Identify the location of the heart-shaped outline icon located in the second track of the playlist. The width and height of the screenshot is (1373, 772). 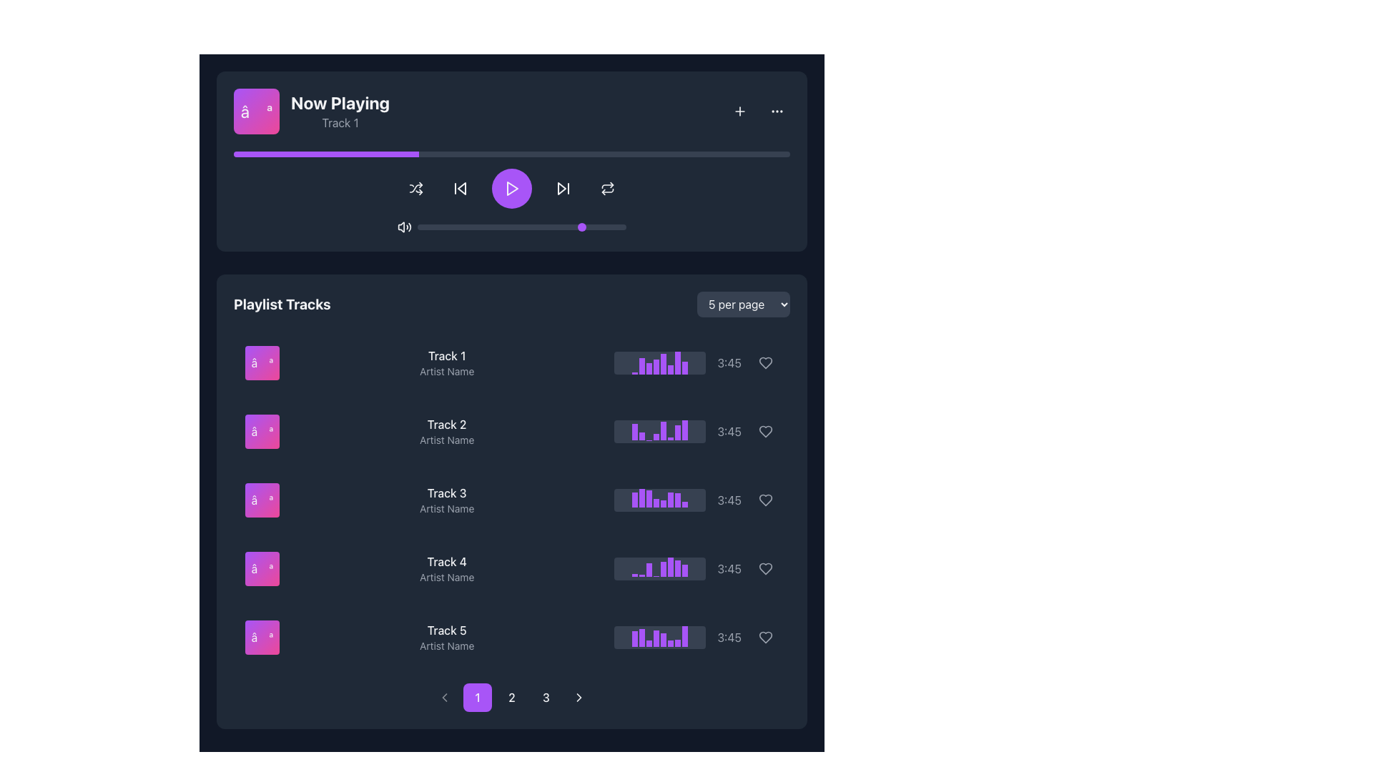
(764, 431).